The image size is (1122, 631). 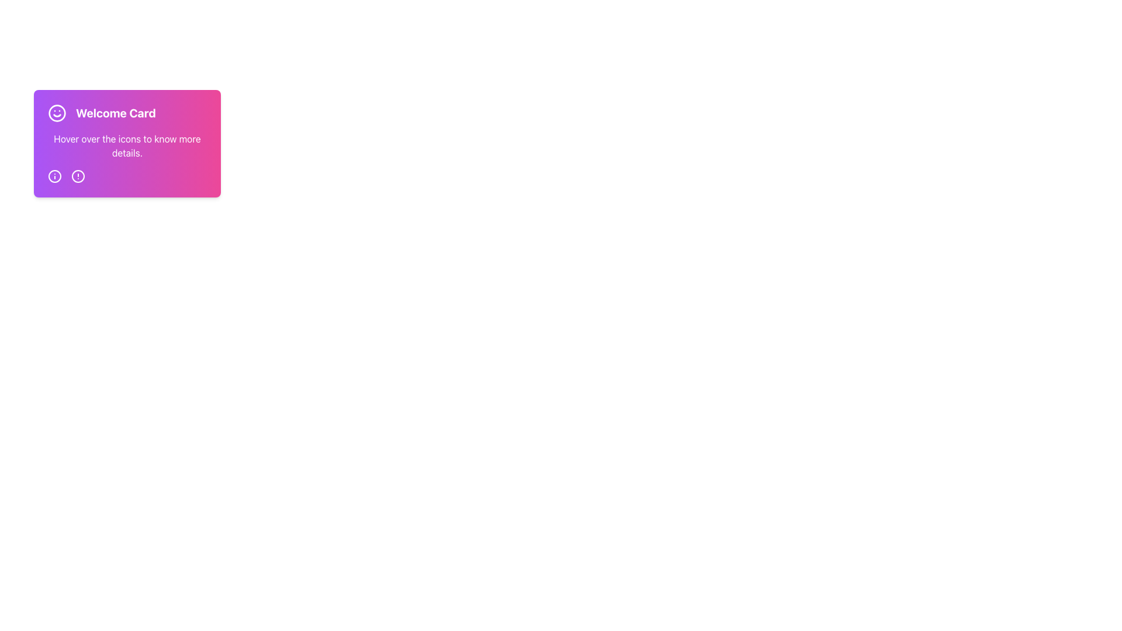 What do you see at coordinates (54, 176) in the screenshot?
I see `the purple circular decorative graphic located in the middle of an icon at the bottom of the 'Welcome Card'` at bounding box center [54, 176].